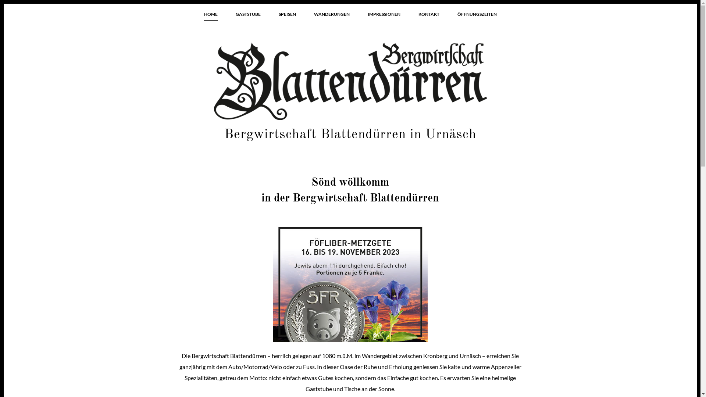 The width and height of the screenshot is (706, 397). Describe the element at coordinates (383, 14) in the screenshot. I see `'IMPRESSIONEN'` at that location.